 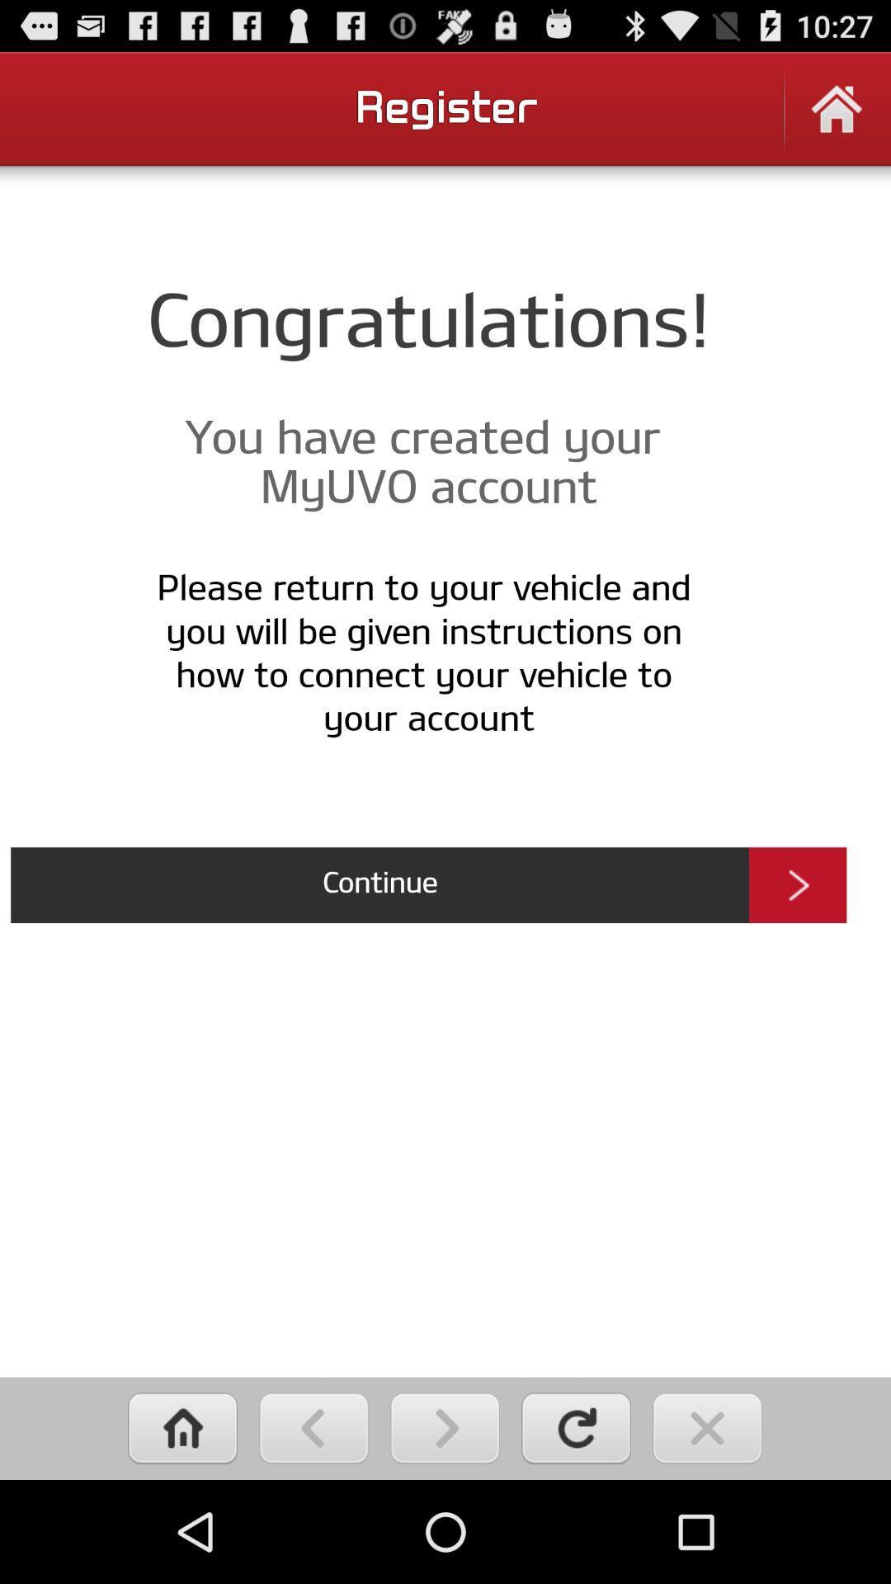 What do you see at coordinates (182, 1427) in the screenshot?
I see `return to the home screen` at bounding box center [182, 1427].